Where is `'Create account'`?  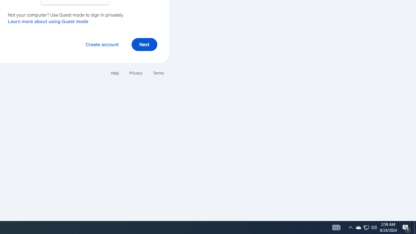
'Create account' is located at coordinates (102, 44).